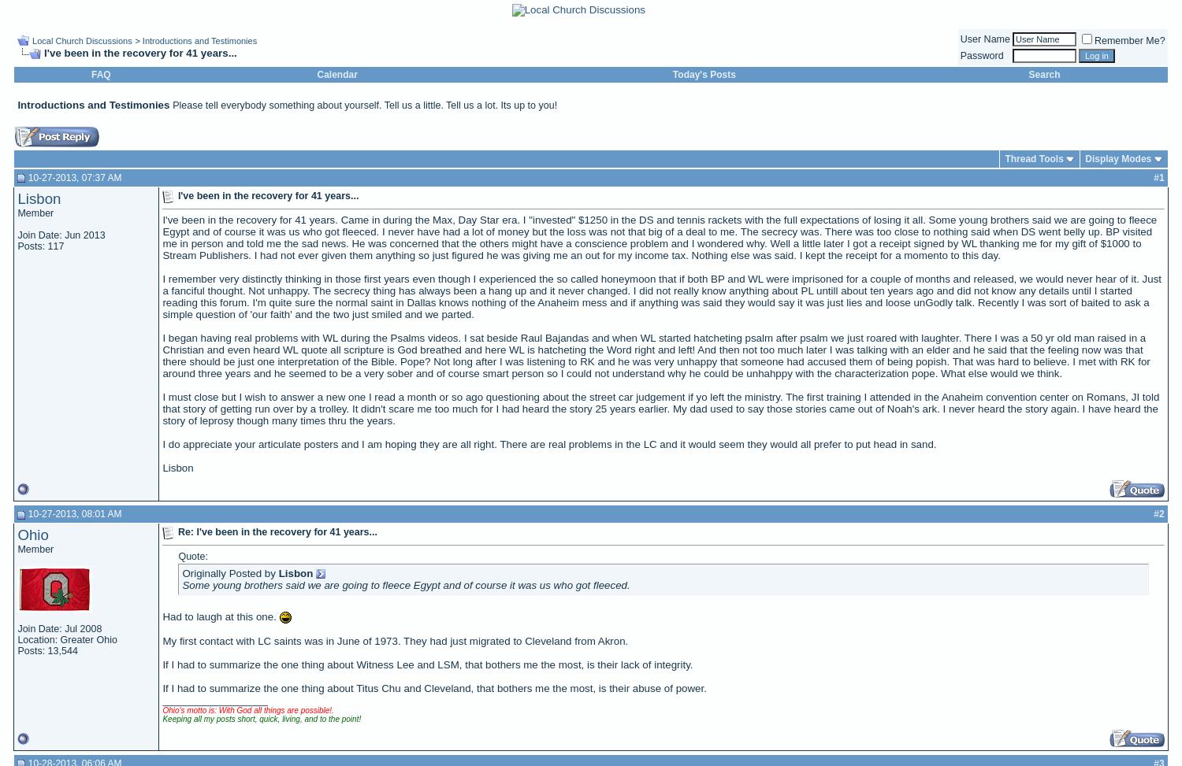  I want to click on 'Join Date: Jun 2013', so click(60, 235).